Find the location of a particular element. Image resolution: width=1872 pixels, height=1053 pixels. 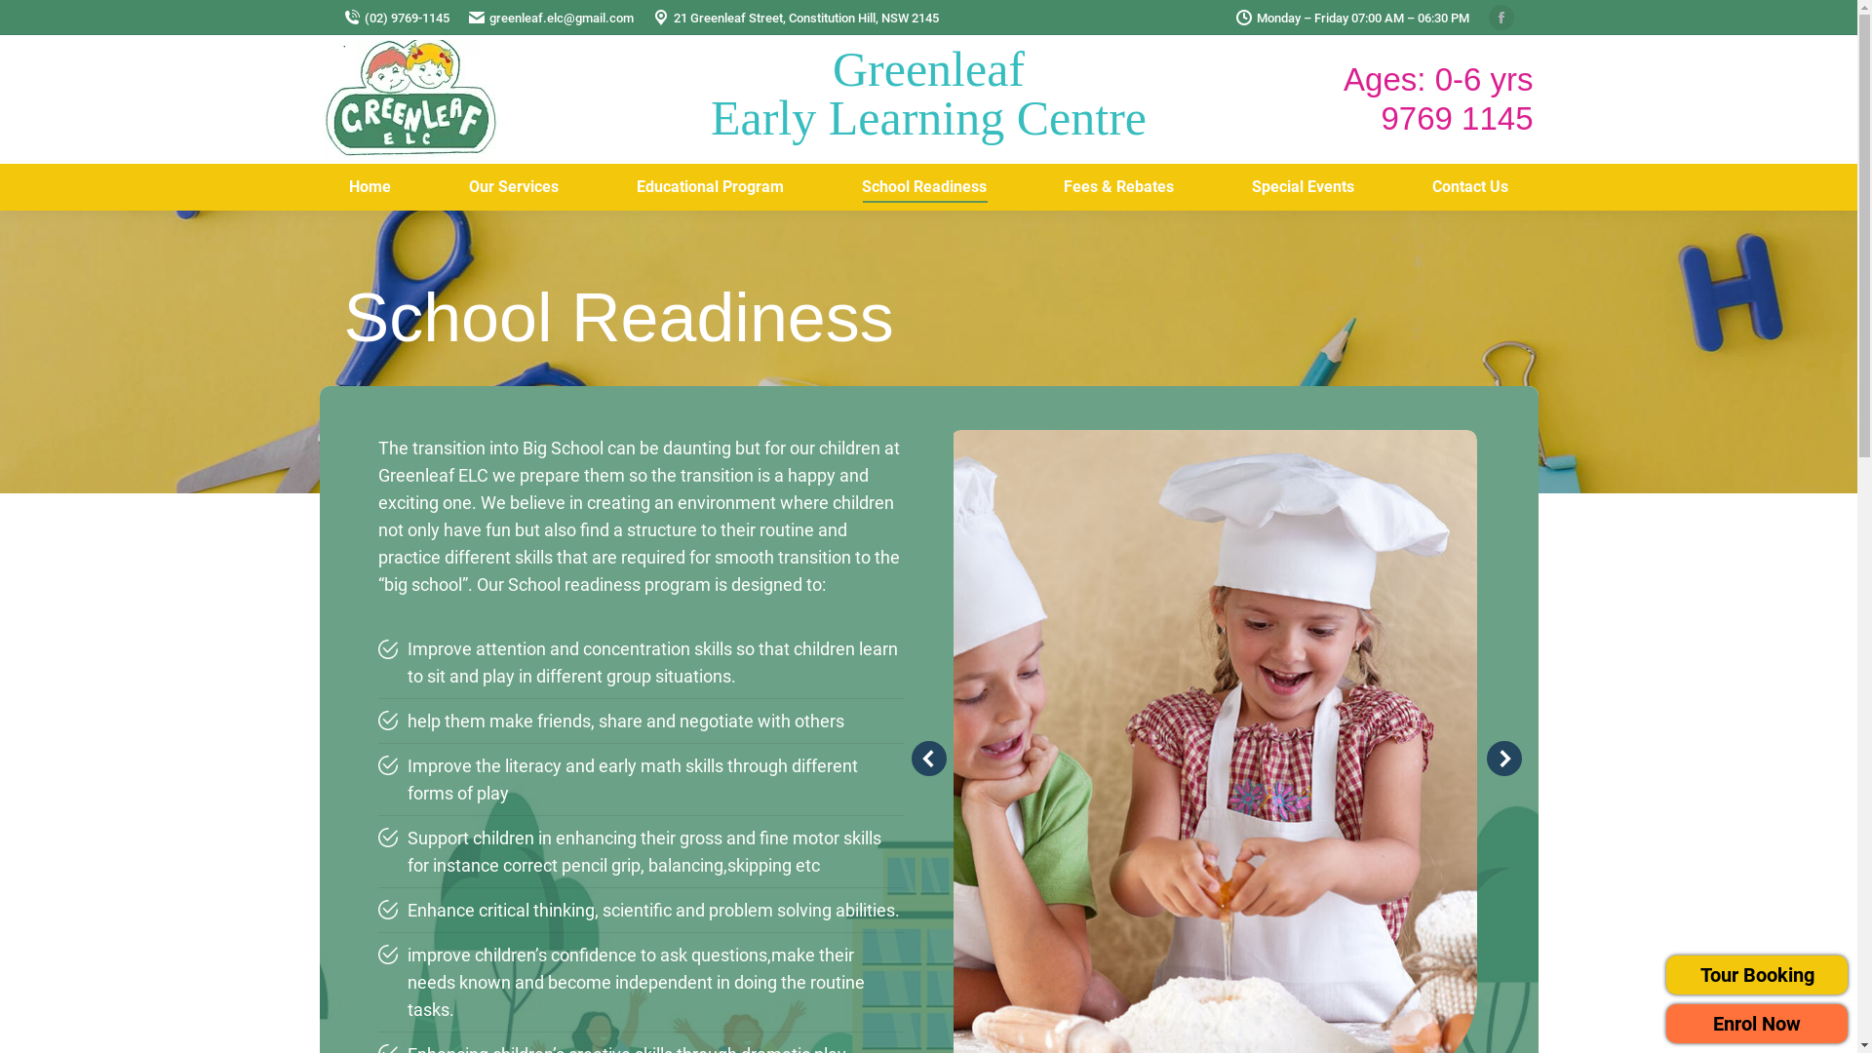

'Contact Us' is located at coordinates (1469, 187).